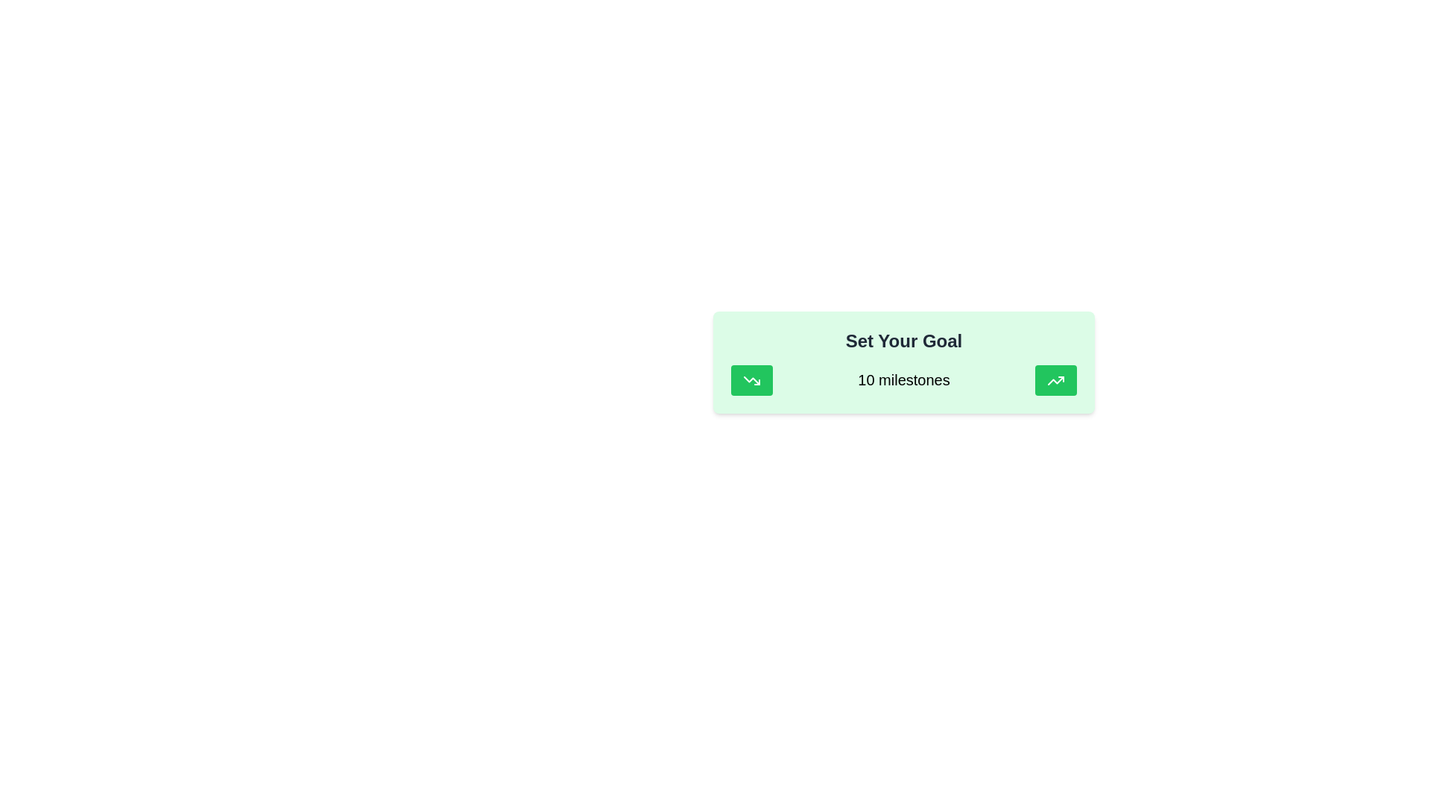 The image size is (1431, 805). Describe the element at coordinates (903, 379) in the screenshot. I see `the static text displaying the number of milestones in the goal-setting interface, which is centered horizontally and vertically between button icons` at that location.